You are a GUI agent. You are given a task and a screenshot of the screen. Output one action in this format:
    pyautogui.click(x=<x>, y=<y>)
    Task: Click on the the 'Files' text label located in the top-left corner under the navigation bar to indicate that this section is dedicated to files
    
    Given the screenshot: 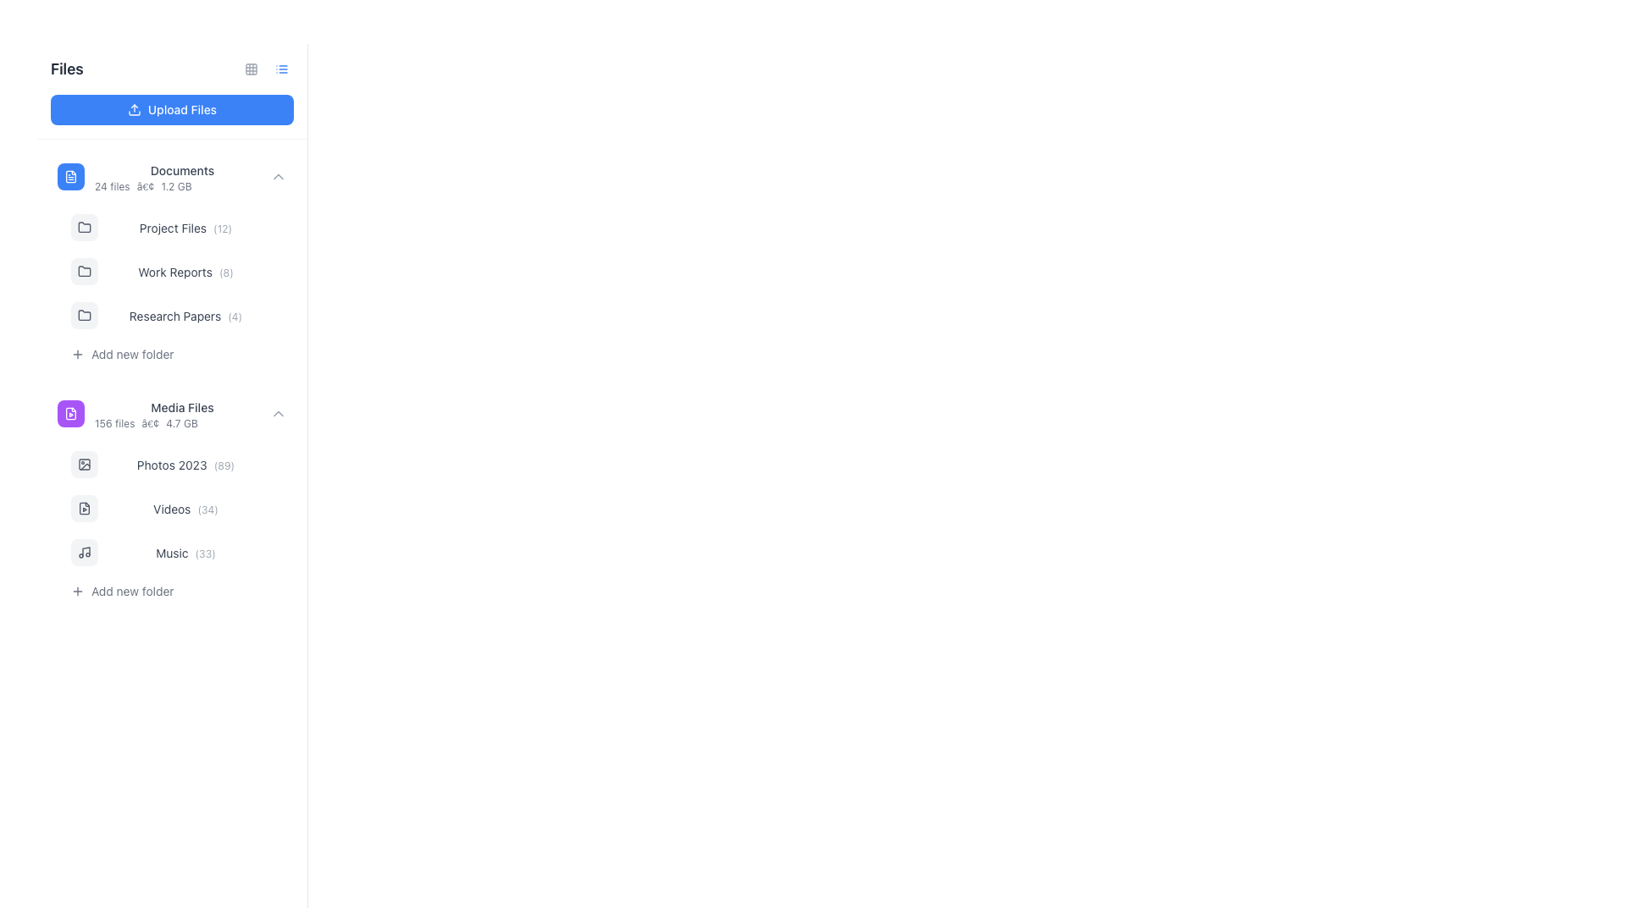 What is the action you would take?
    pyautogui.click(x=67, y=68)
    